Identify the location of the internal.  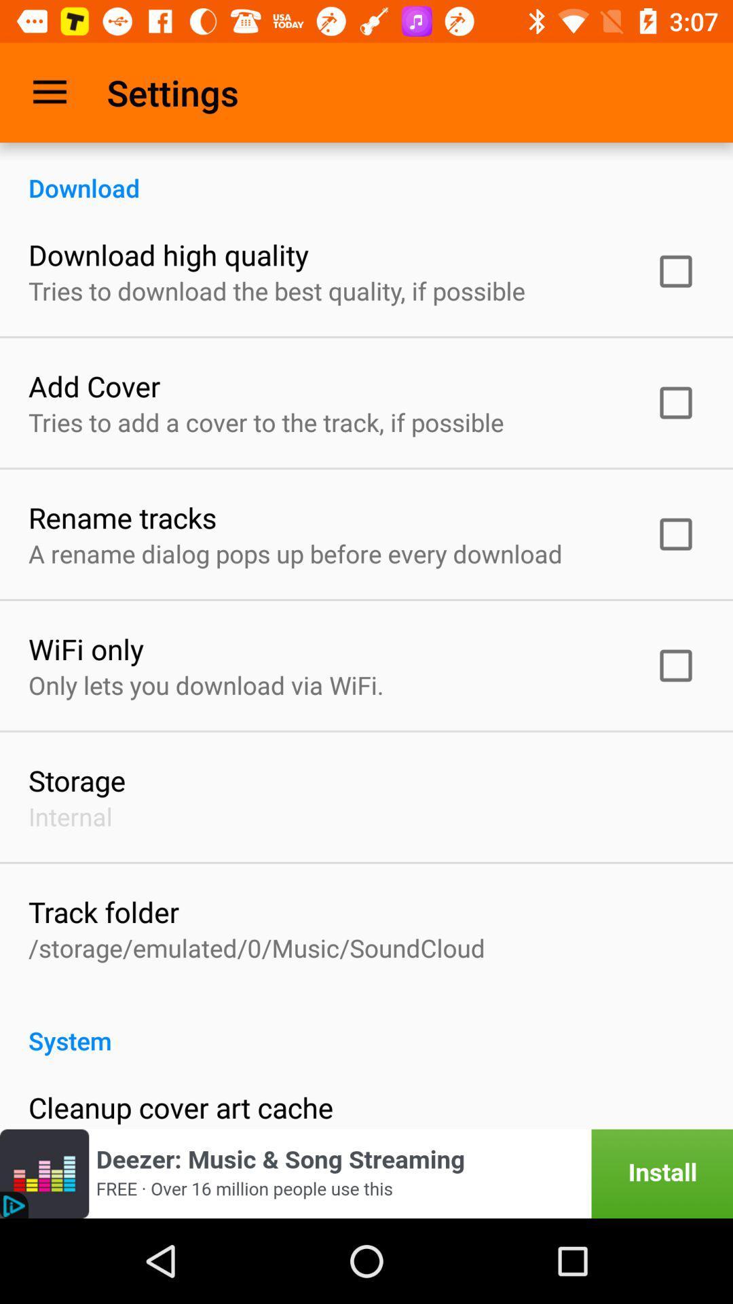
(70, 816).